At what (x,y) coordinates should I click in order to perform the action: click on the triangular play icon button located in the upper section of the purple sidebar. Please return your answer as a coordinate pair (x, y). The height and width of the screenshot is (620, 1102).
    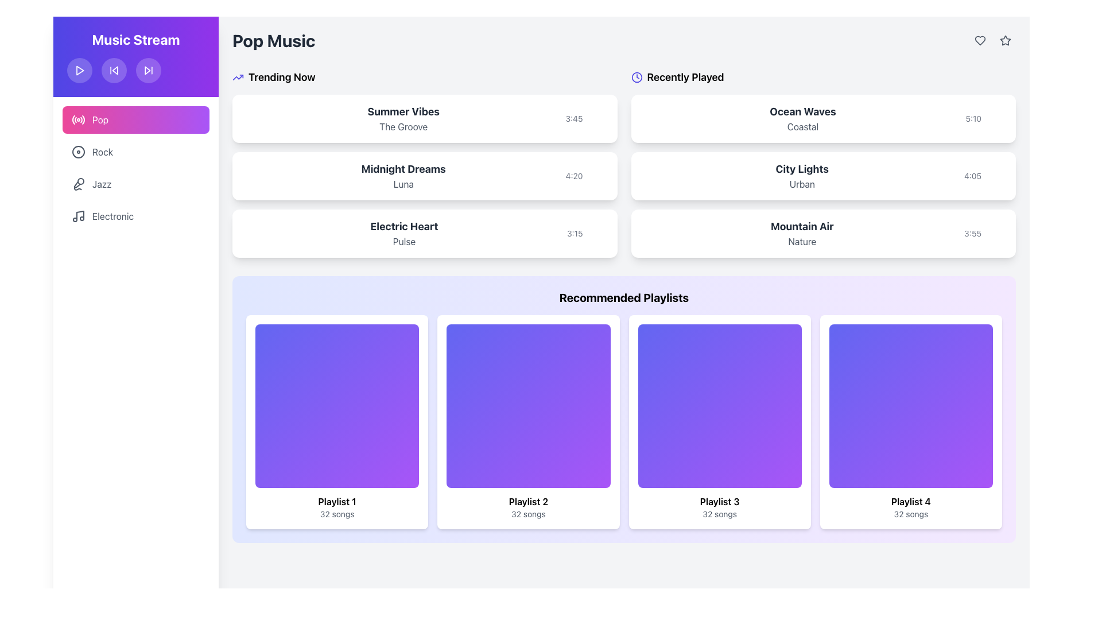
    Looking at the image, I should click on (79, 71).